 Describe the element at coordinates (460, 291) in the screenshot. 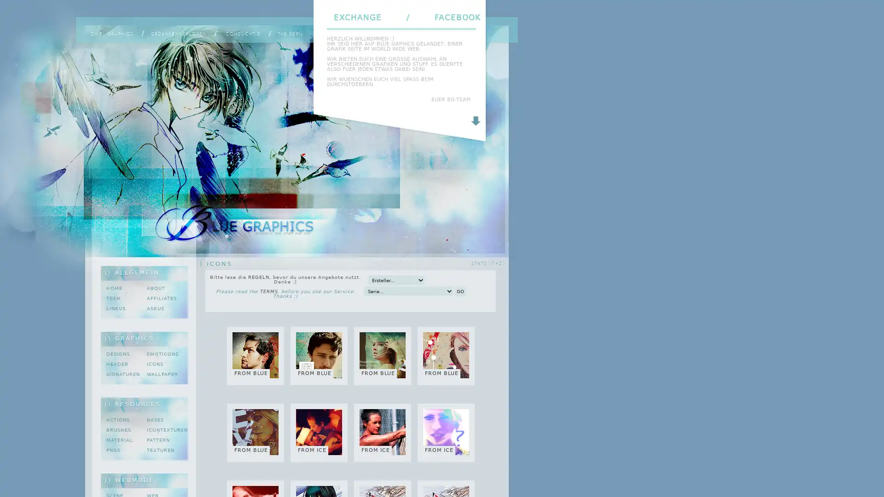

I see `GO` at that location.